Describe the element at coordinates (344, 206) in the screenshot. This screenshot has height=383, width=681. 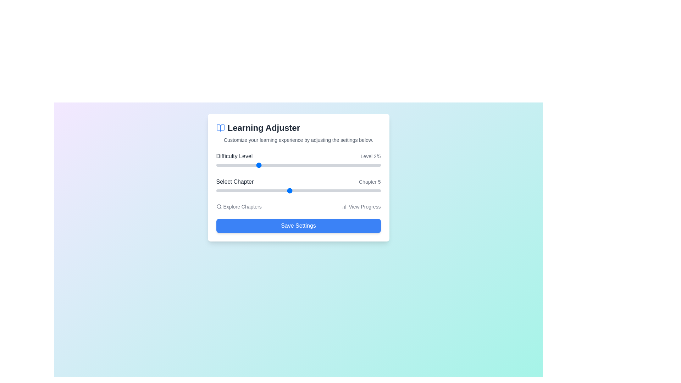
I see `the progress icon located to the left of the 'View Progress' text in the bottom section of the settings interface as a static decorative element` at that location.